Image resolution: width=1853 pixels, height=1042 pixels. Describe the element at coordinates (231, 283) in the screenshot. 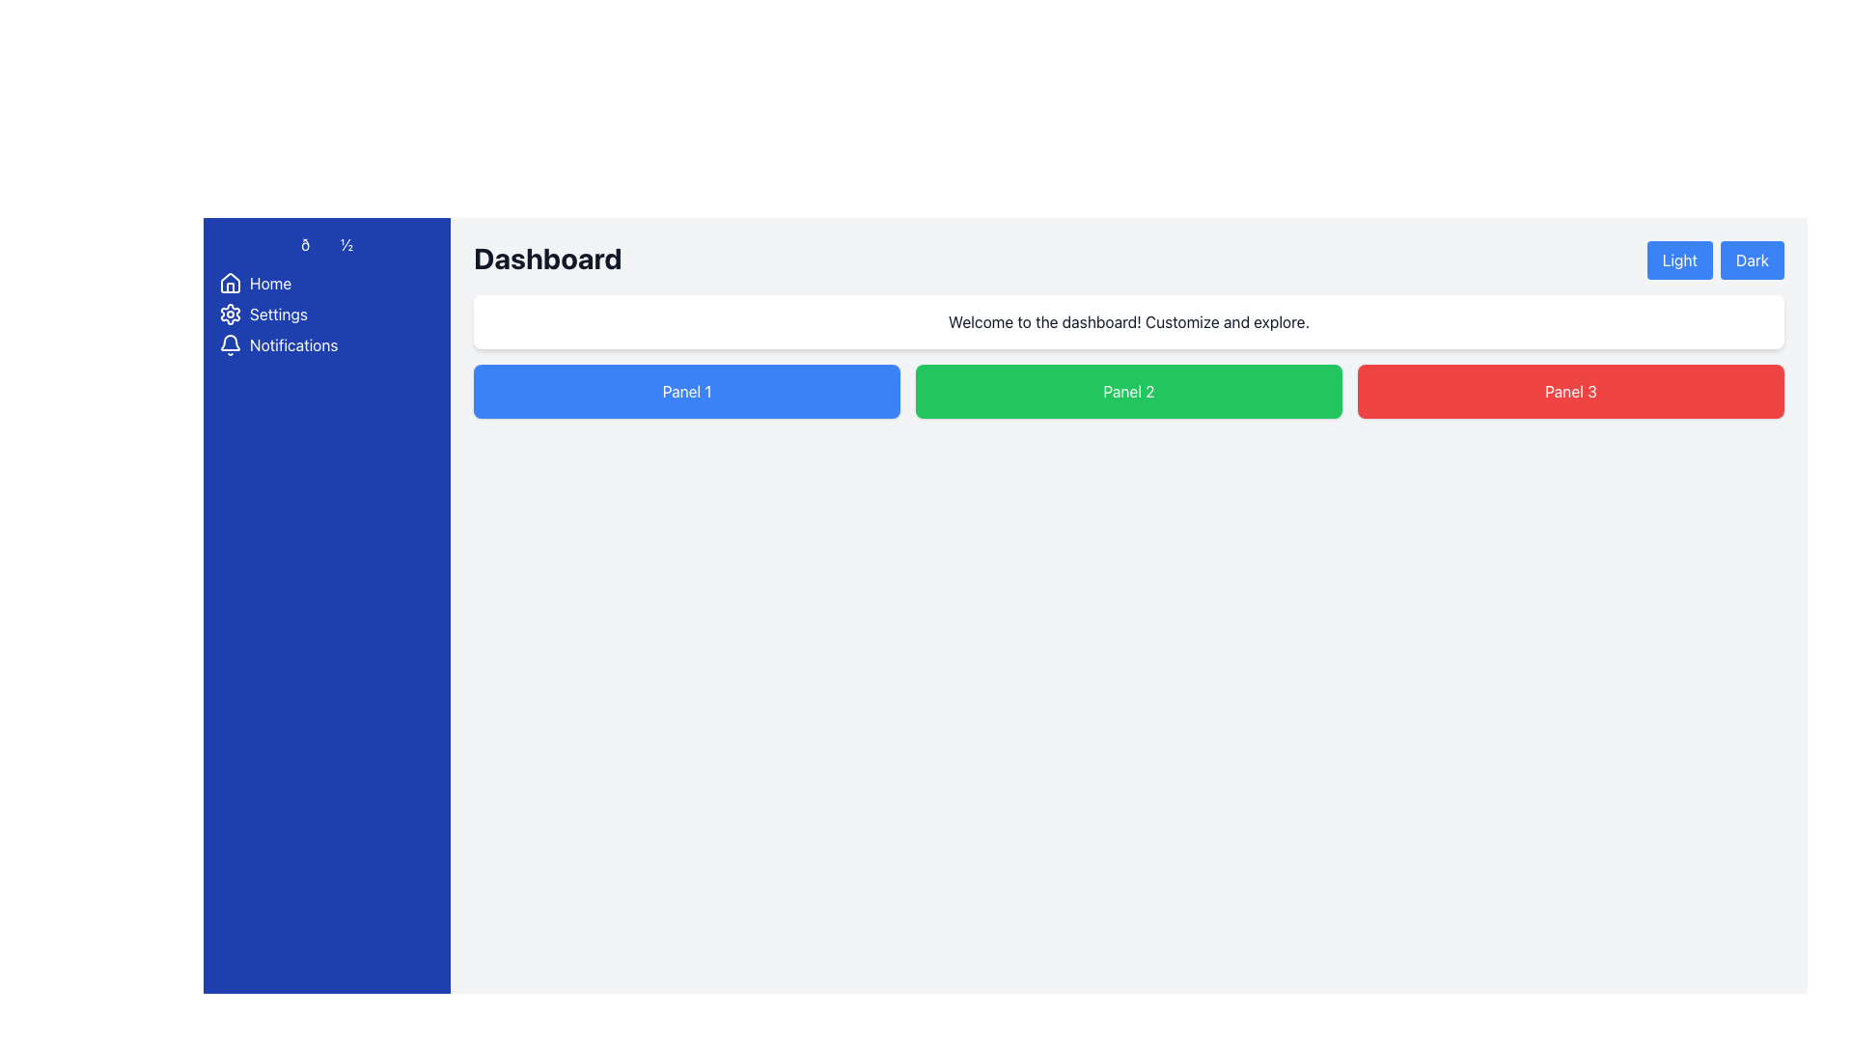

I see `the 'Home' icon located at the top of the navigation sidebar` at that location.